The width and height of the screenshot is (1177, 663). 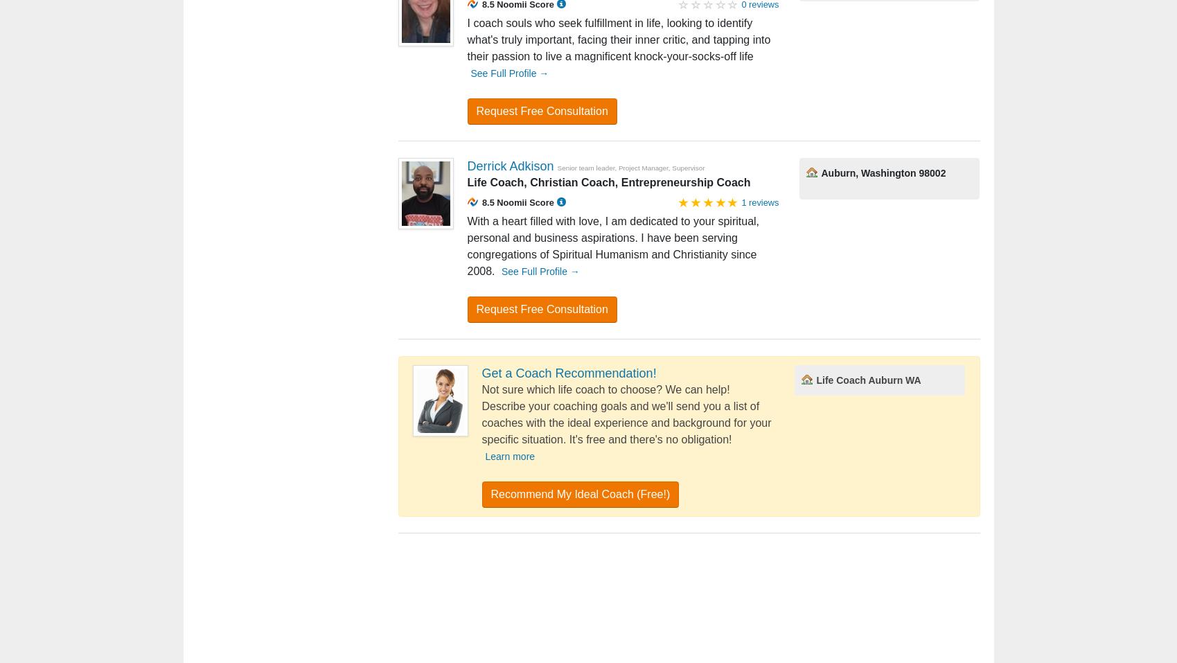 I want to click on 'Performance Coaching', so click(x=547, y=601).